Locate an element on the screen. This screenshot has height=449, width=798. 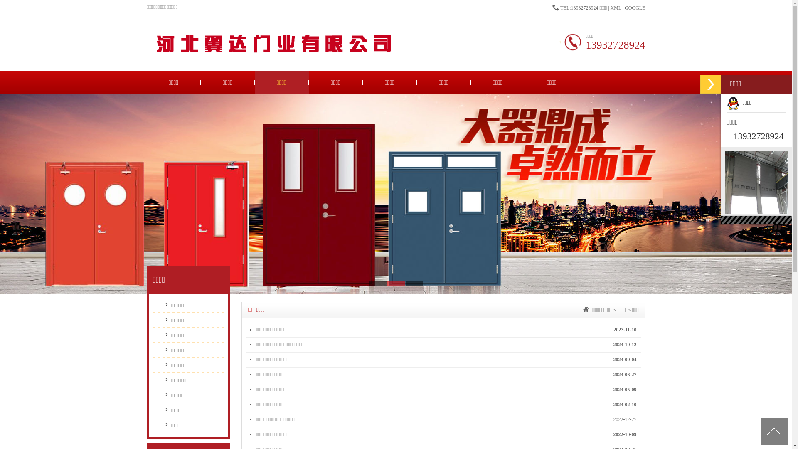
'XML' is located at coordinates (616, 8).